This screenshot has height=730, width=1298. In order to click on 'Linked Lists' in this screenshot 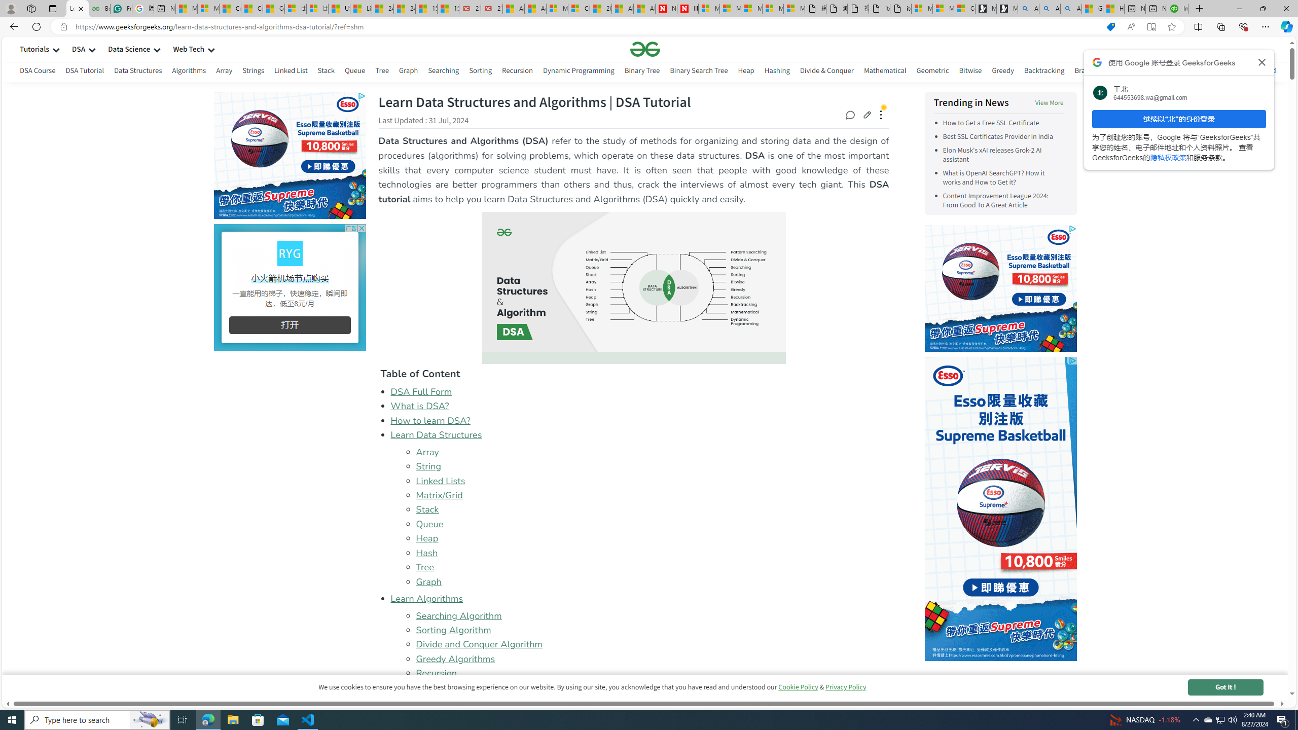, I will do `click(440, 480)`.